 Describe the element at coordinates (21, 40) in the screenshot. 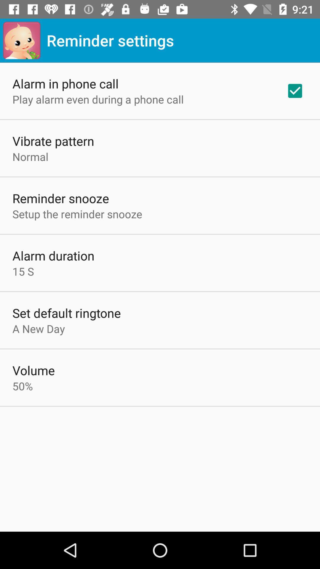

I see `the app above alarm in phone` at that location.